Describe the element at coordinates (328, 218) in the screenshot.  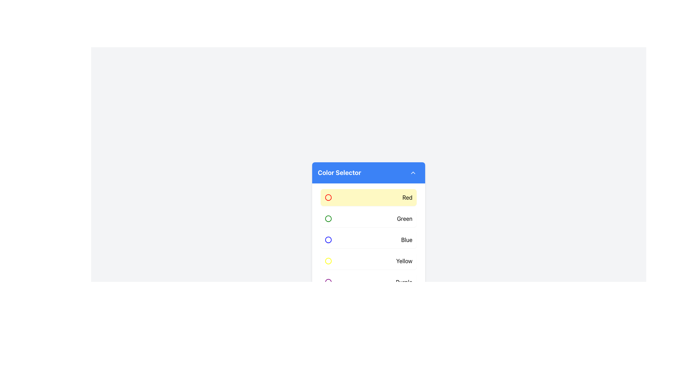
I see `the green circular outline icon in the 'Green' row of the color options` at that location.